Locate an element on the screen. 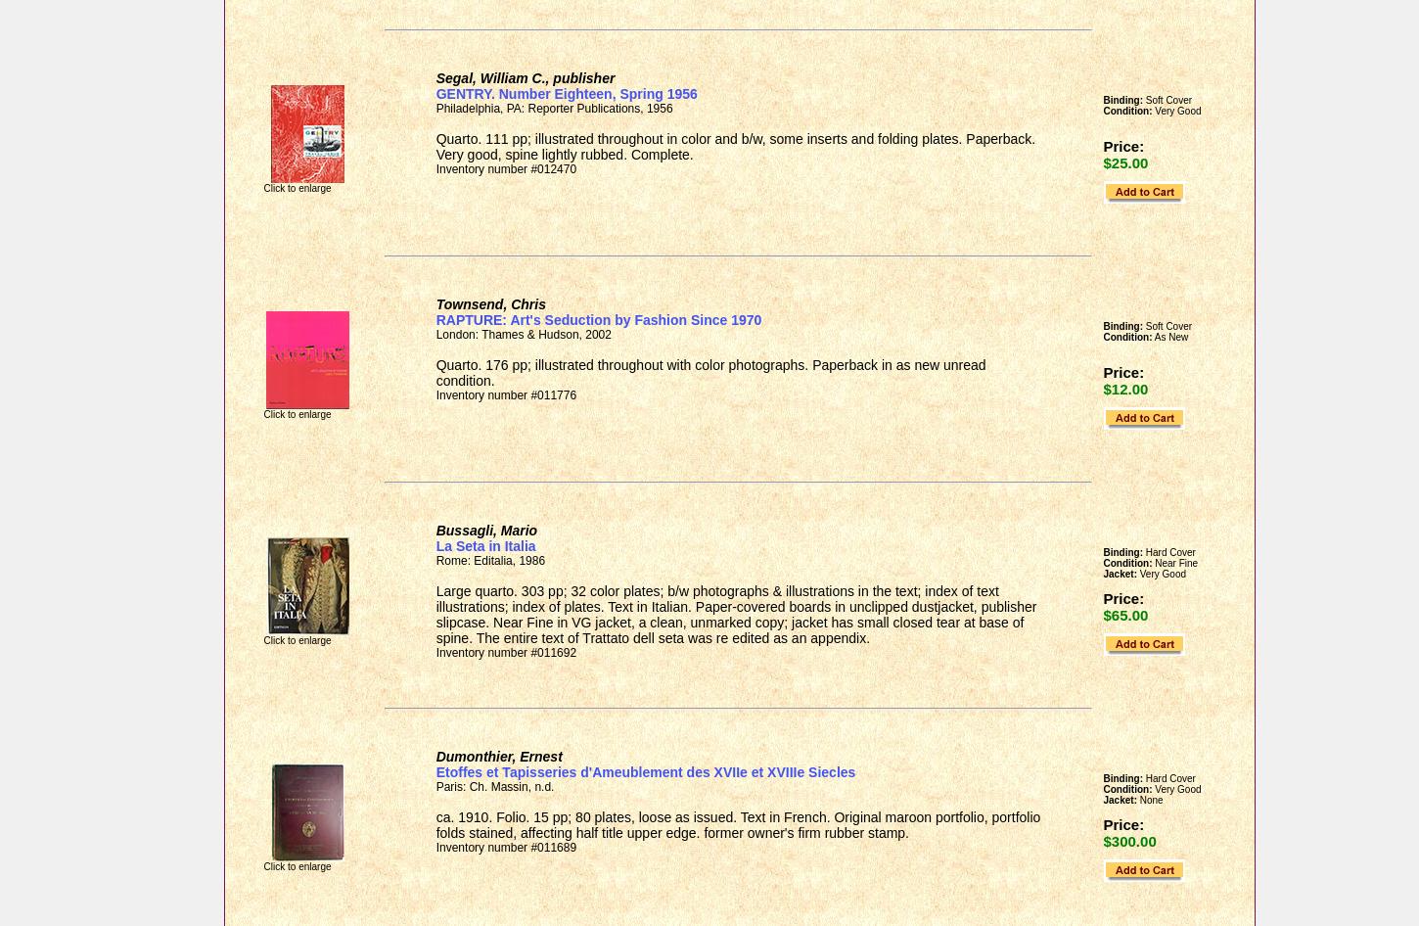 This screenshot has width=1419, height=926. 'Segal, William C., publisher' is located at coordinates (435, 77).